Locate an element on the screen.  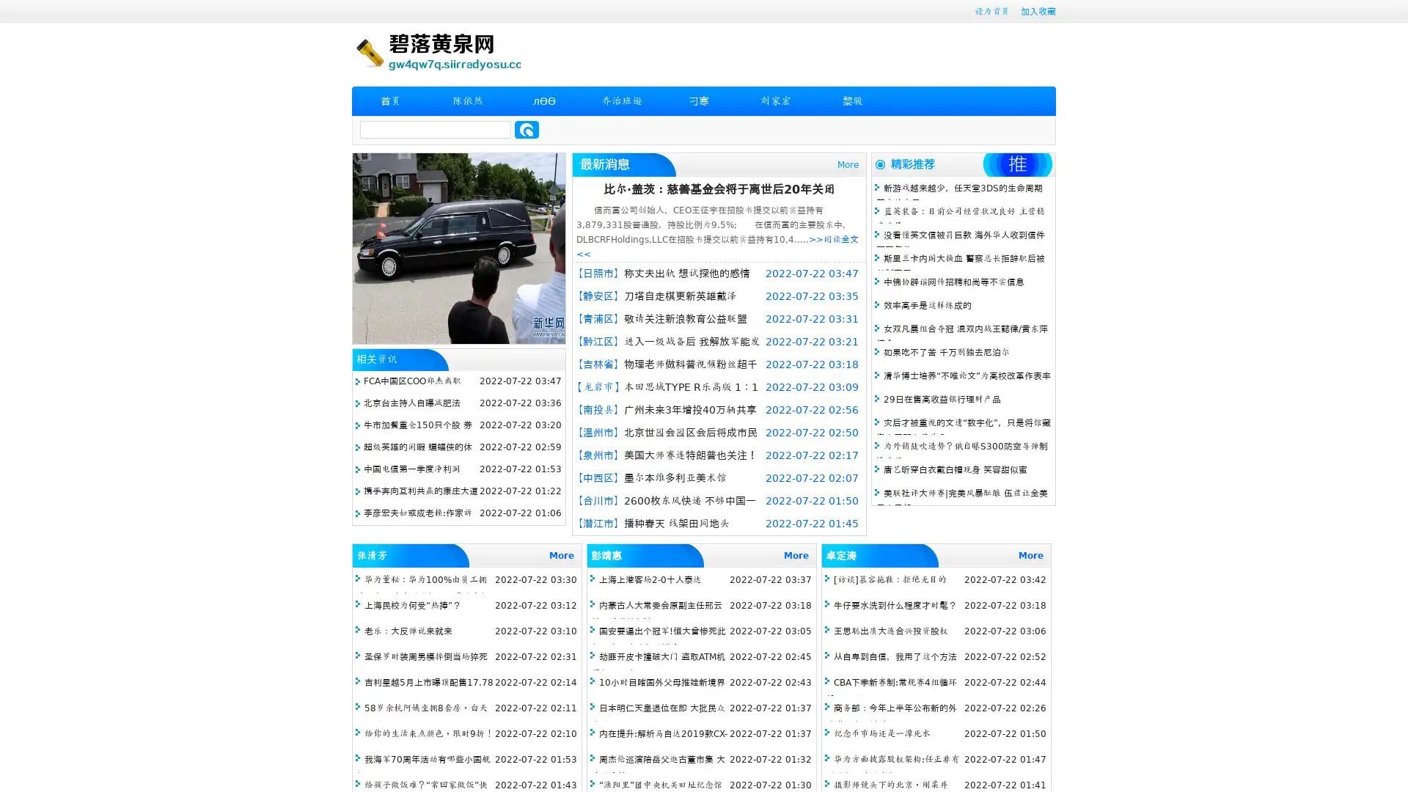
Search is located at coordinates (527, 129).